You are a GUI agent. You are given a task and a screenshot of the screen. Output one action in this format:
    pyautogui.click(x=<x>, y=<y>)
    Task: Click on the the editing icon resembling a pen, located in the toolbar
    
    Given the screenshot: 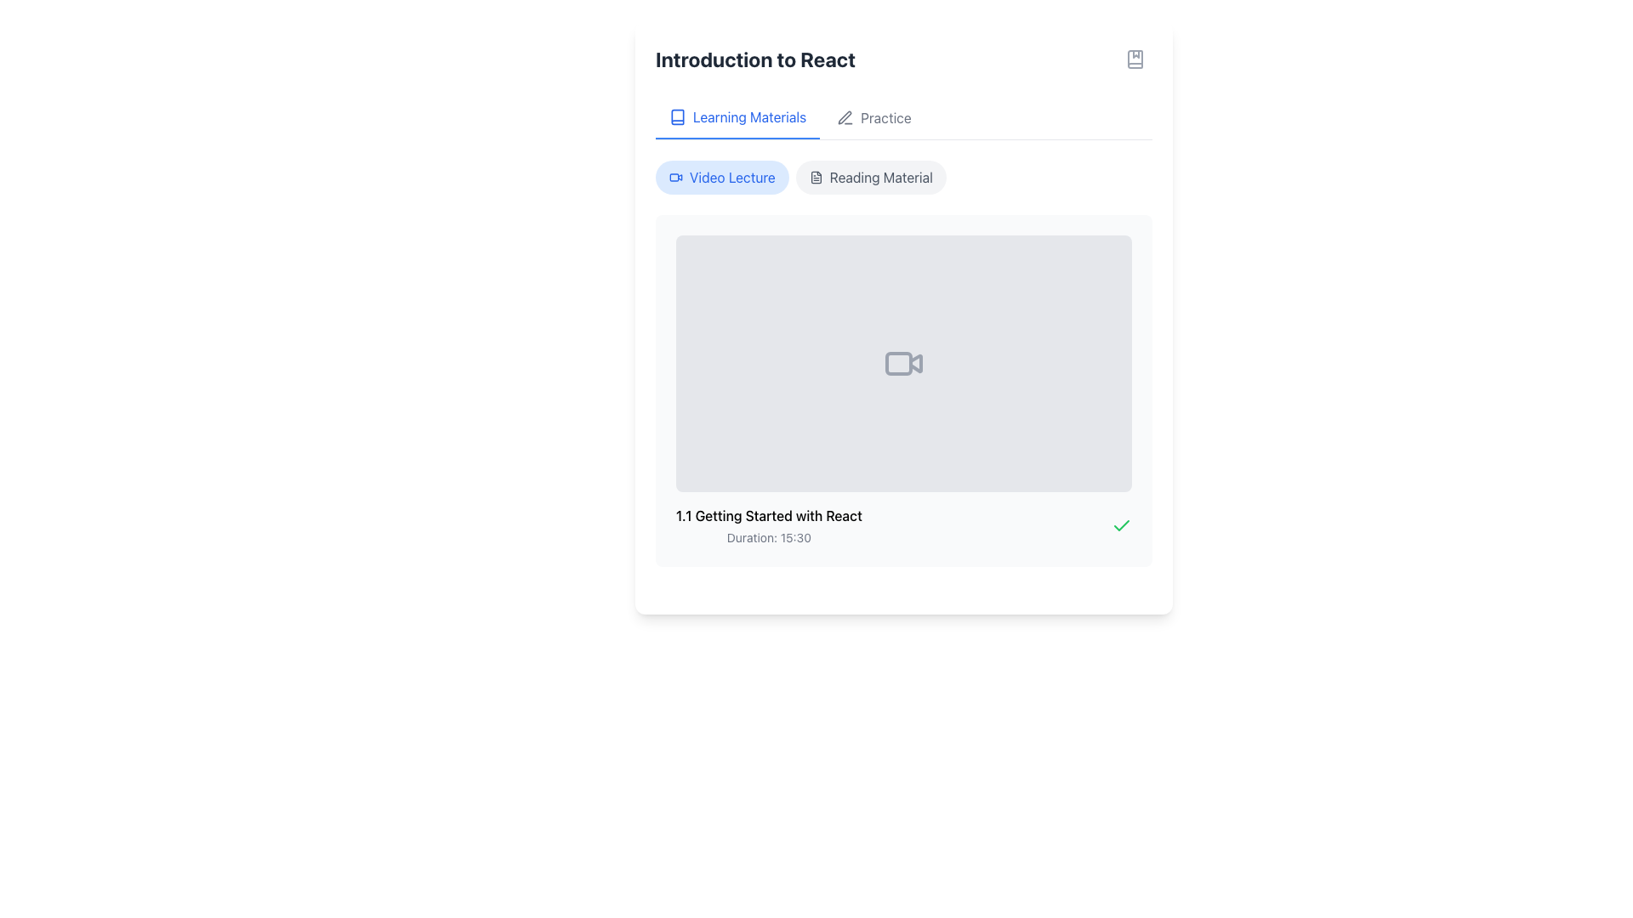 What is the action you would take?
    pyautogui.click(x=845, y=116)
    